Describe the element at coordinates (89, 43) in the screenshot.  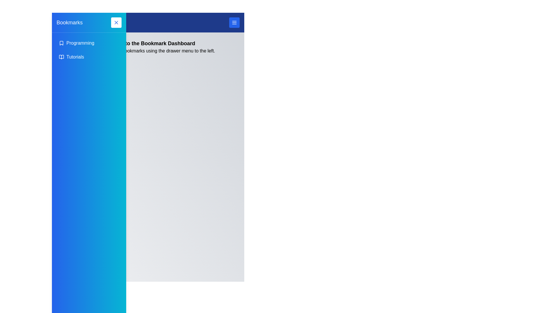
I see `the 'Programming' interactive button link in the sidebar menu by moving the cursor to its center point to highlight it` at that location.